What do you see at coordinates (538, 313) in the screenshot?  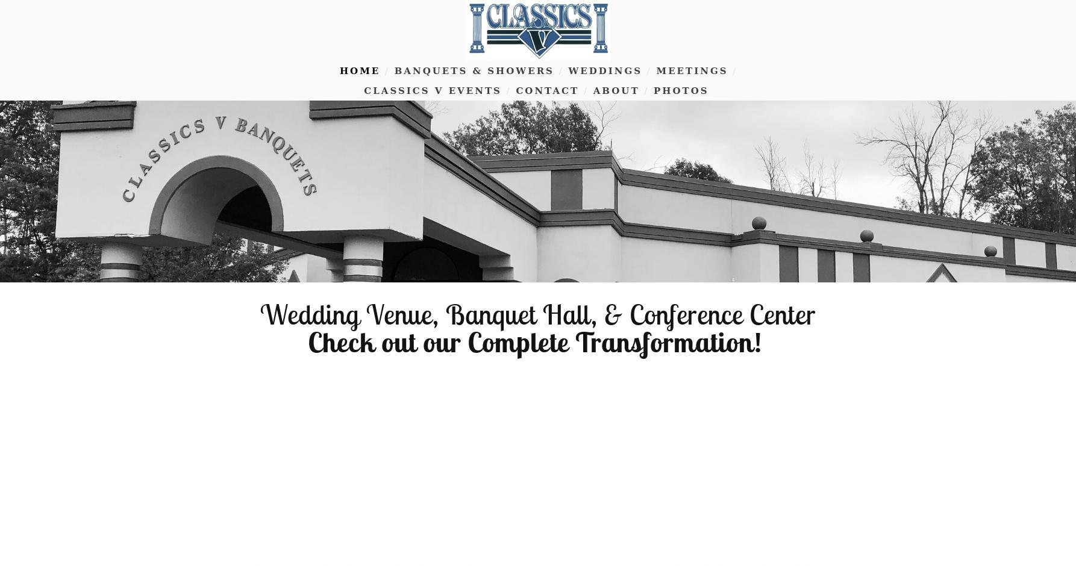 I see `'Wedding Venue, Banquet Hall, & Conference Center'` at bounding box center [538, 313].